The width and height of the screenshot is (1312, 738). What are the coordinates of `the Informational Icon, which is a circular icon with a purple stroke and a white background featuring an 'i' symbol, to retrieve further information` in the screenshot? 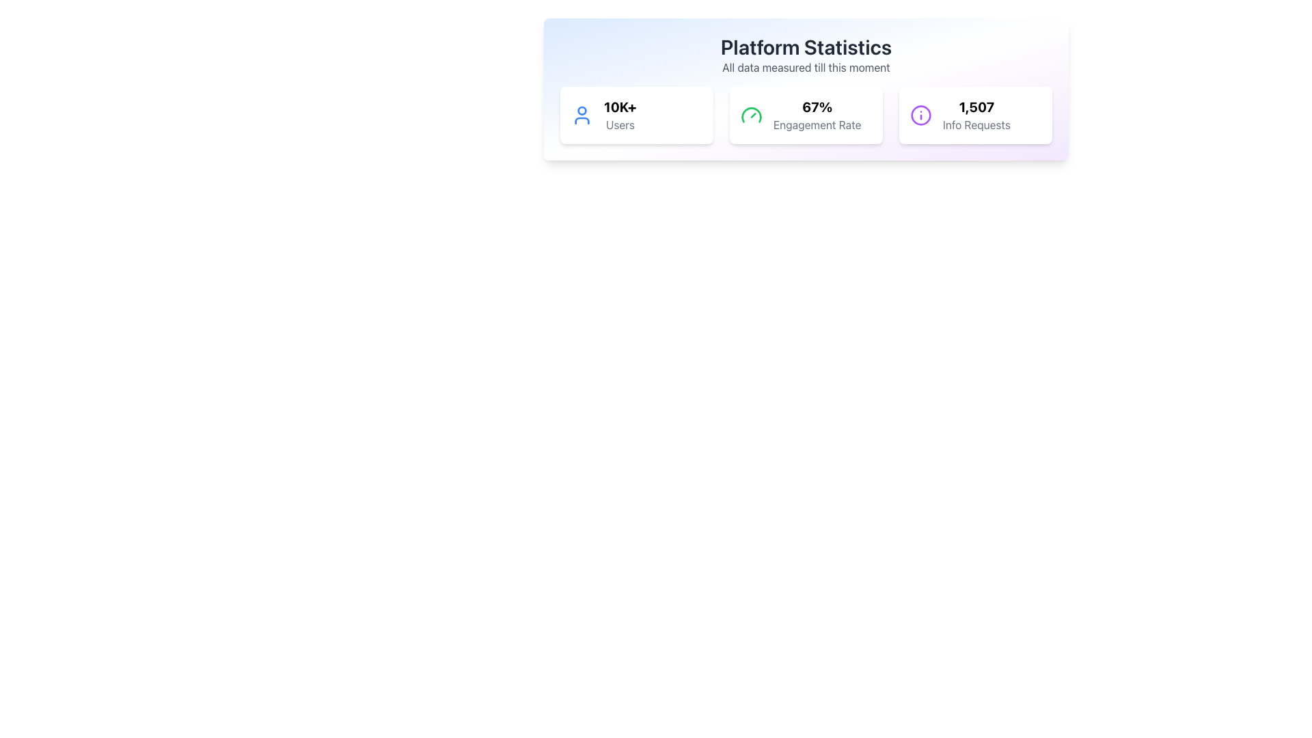 It's located at (921, 115).